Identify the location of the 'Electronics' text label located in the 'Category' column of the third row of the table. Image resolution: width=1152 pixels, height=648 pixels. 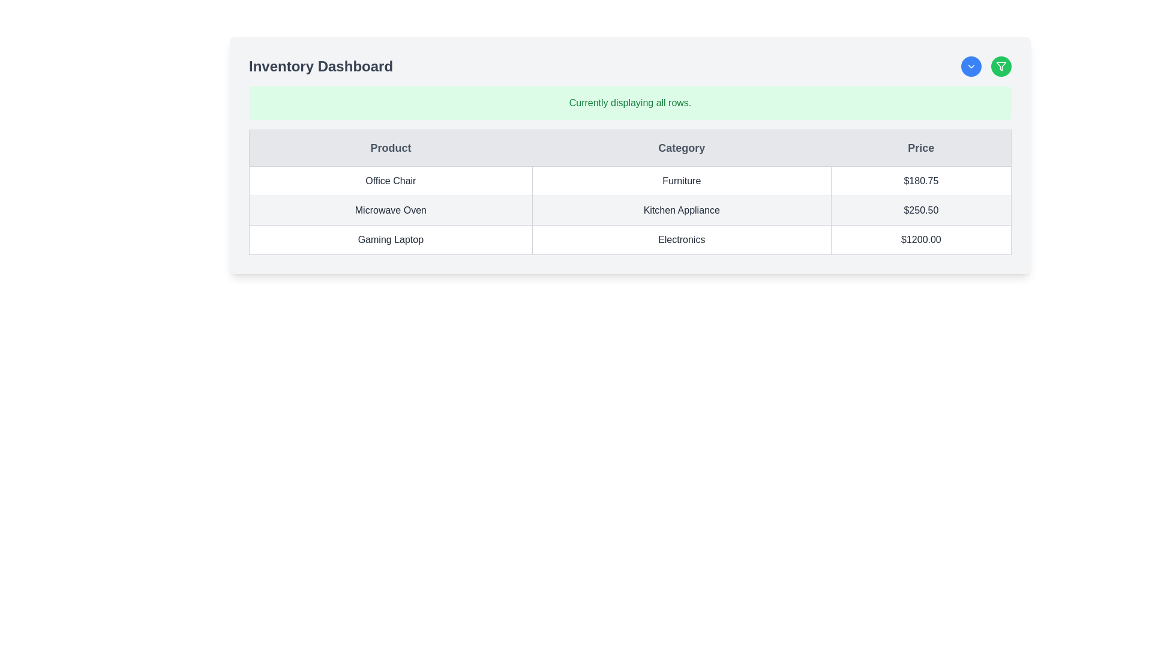
(682, 240).